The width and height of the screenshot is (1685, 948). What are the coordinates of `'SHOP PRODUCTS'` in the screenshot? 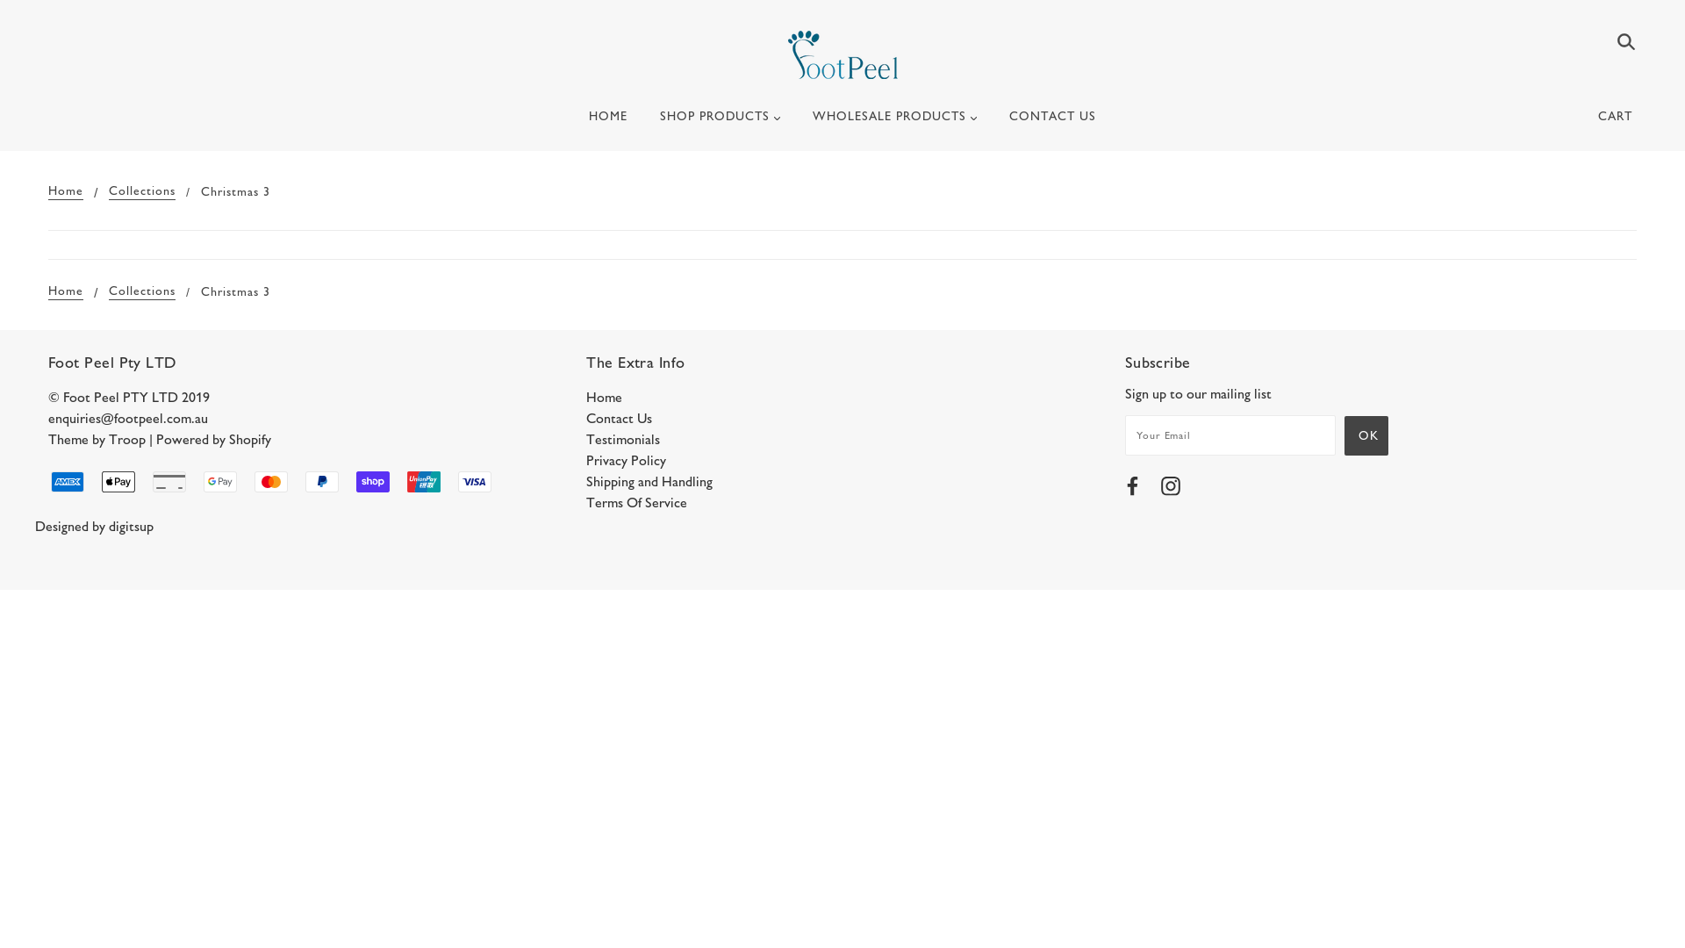 It's located at (720, 123).